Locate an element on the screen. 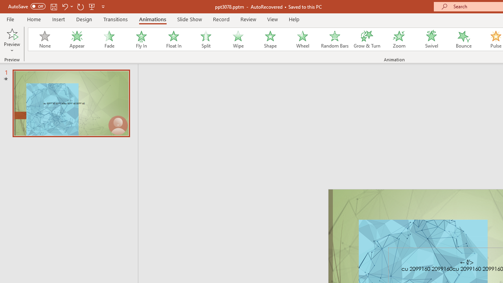 The image size is (503, 283). 'Bounce' is located at coordinates (464, 39).